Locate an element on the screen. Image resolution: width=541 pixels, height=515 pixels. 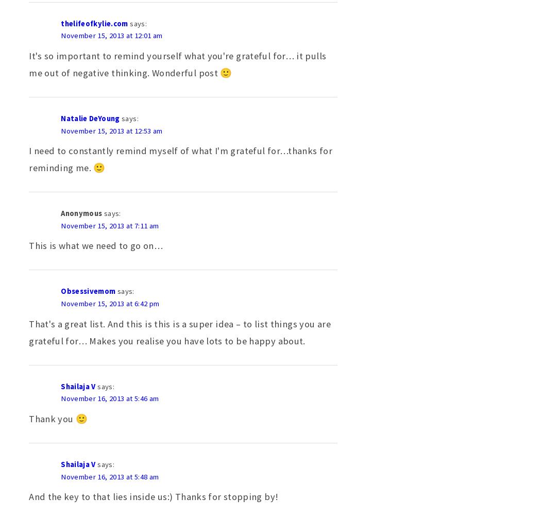
'November 15, 2013 at 12:53 am' is located at coordinates (111, 130).